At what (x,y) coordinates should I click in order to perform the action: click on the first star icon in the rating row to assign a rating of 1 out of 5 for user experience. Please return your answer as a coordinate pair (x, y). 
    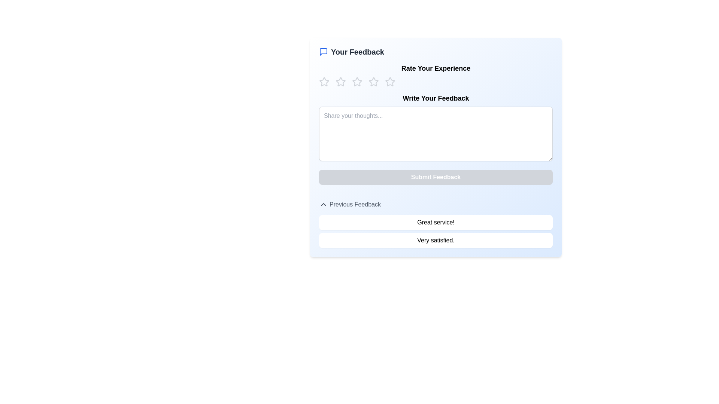
    Looking at the image, I should click on (324, 82).